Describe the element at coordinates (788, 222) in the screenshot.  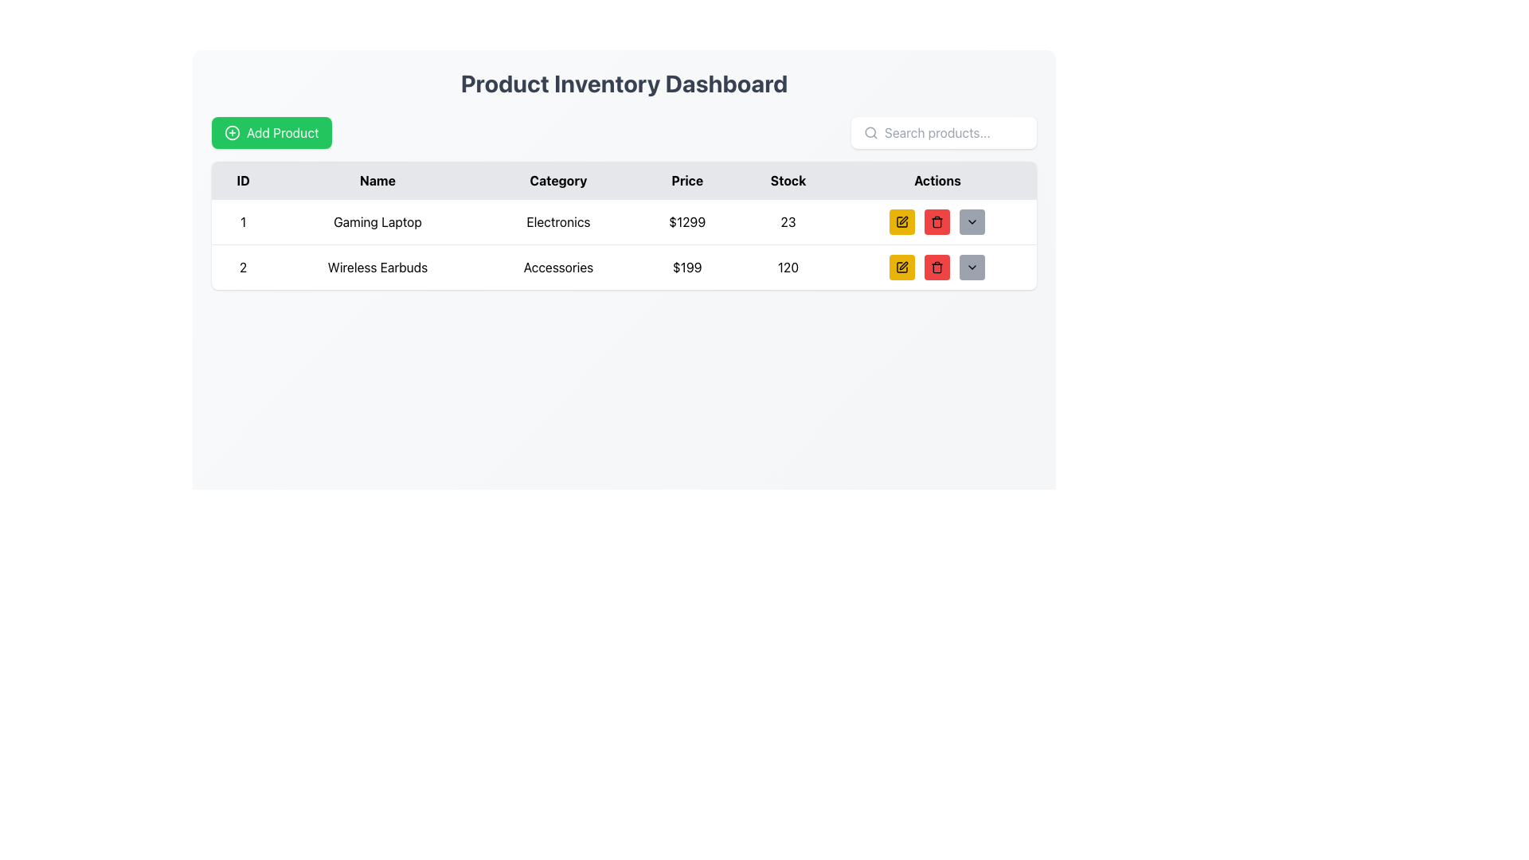
I see `displayed information from the centered text showing the number '23' in the 'Stock' column for the 'Gaming Laptop' product` at that location.